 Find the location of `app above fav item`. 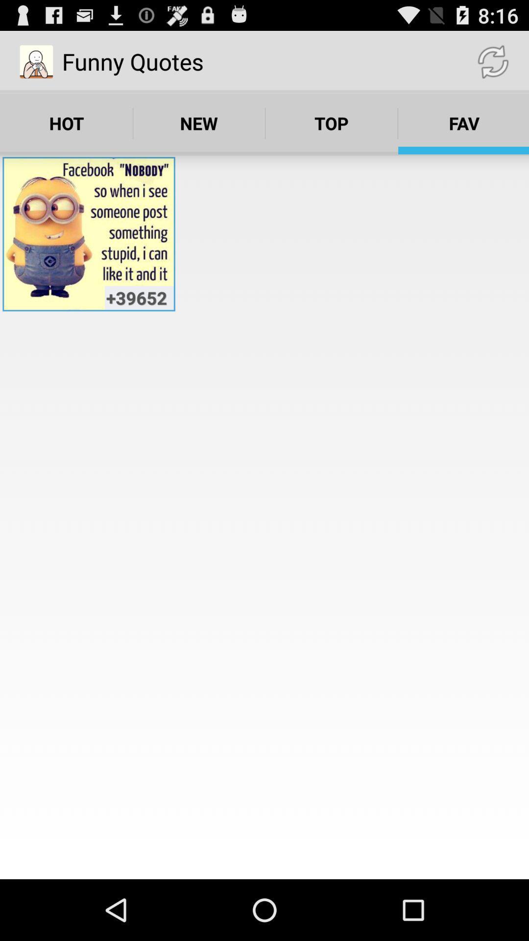

app above fav item is located at coordinates (493, 61).